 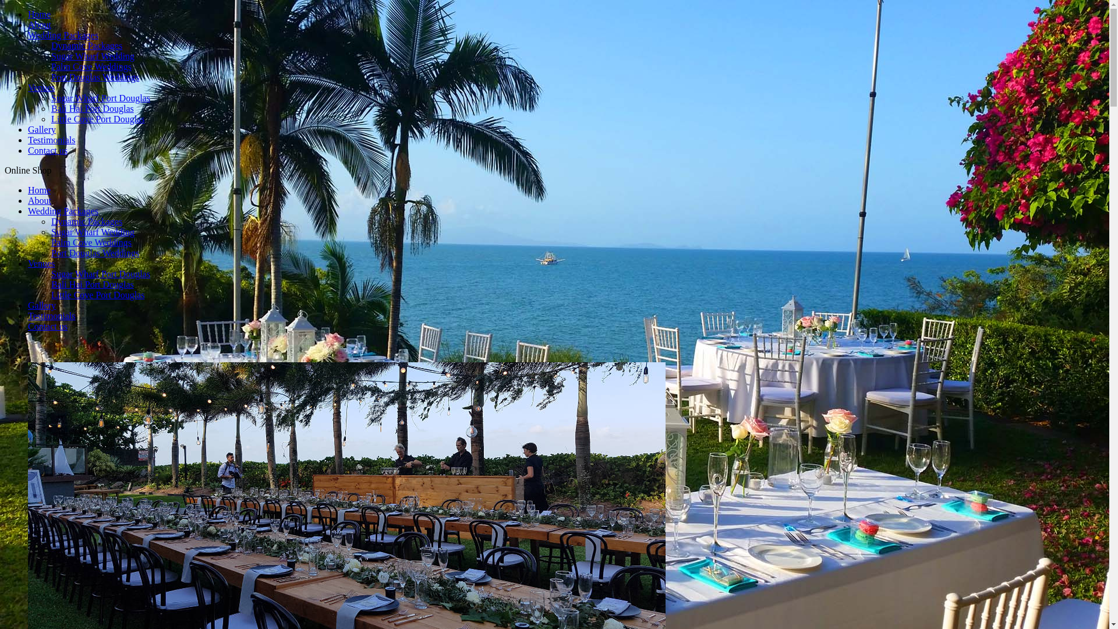 What do you see at coordinates (51, 316) in the screenshot?
I see `'Testimonials'` at bounding box center [51, 316].